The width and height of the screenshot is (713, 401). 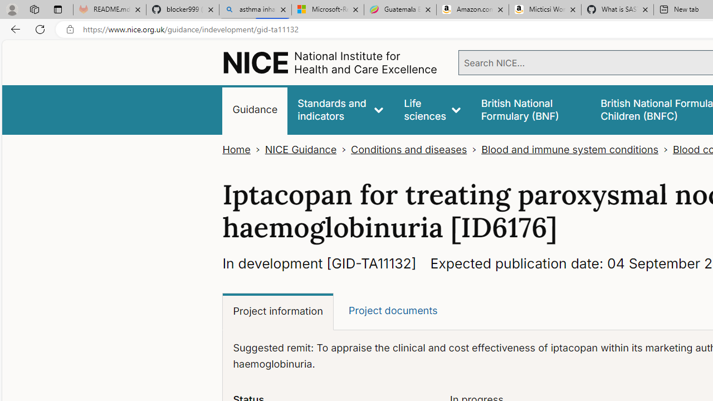 I want to click on 'Conditions and diseases', so click(x=408, y=149).